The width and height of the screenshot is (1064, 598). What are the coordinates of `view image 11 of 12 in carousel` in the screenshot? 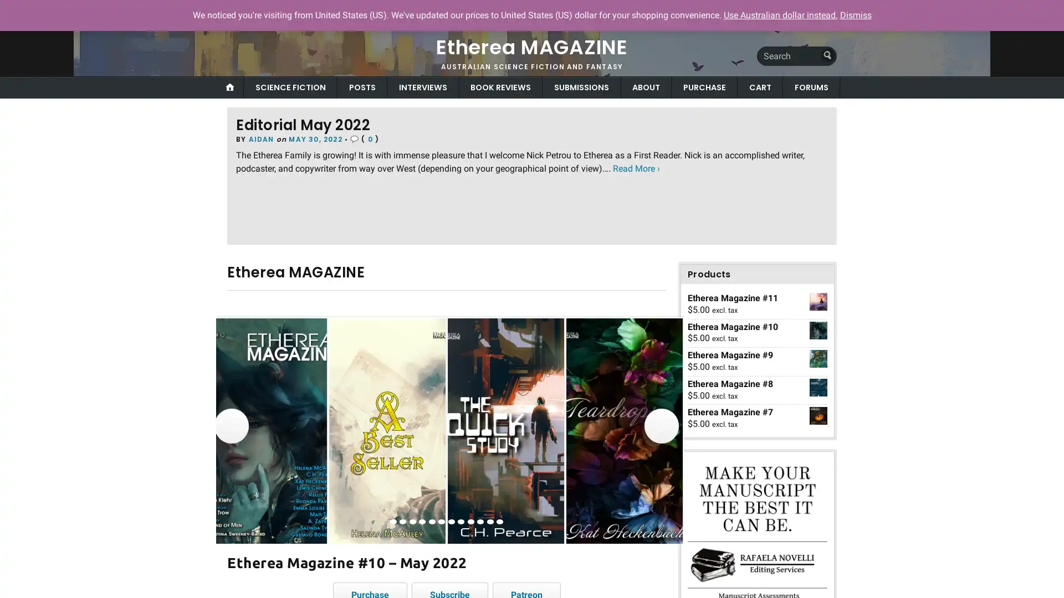 It's located at (489, 521).